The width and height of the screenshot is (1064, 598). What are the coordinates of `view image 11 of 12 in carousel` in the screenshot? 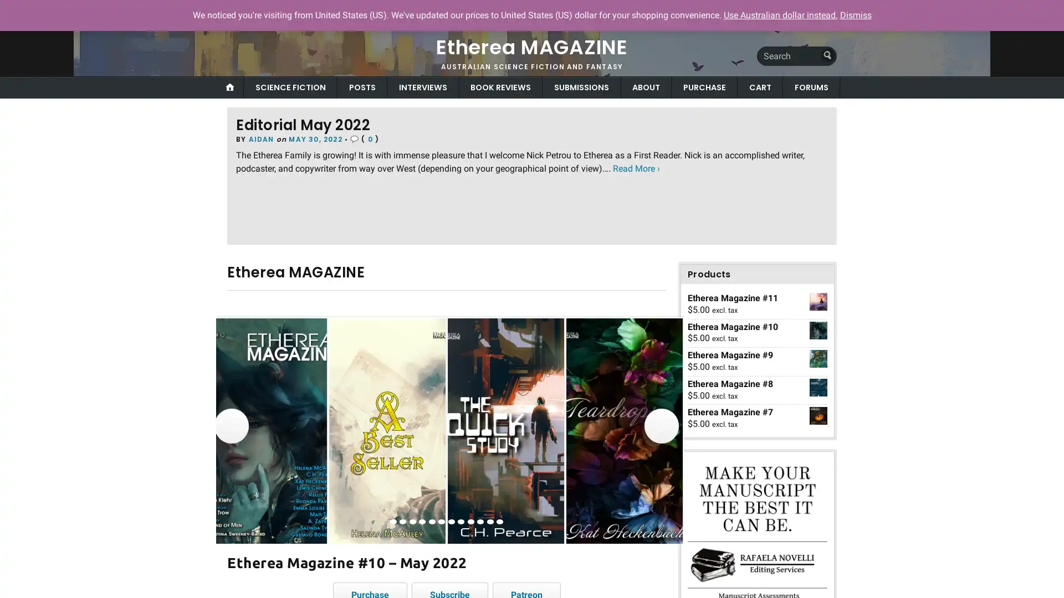 It's located at (489, 521).